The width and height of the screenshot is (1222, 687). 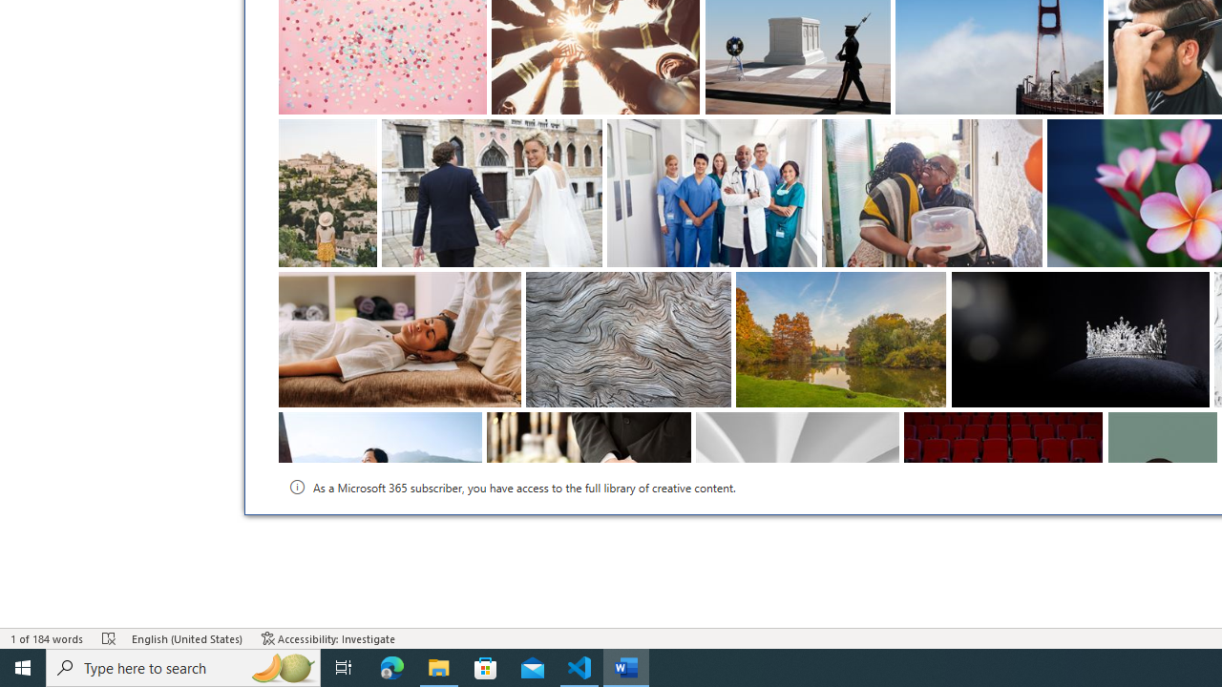 I want to click on 'Spelling and Grammar Check Errors', so click(x=108, y=638).